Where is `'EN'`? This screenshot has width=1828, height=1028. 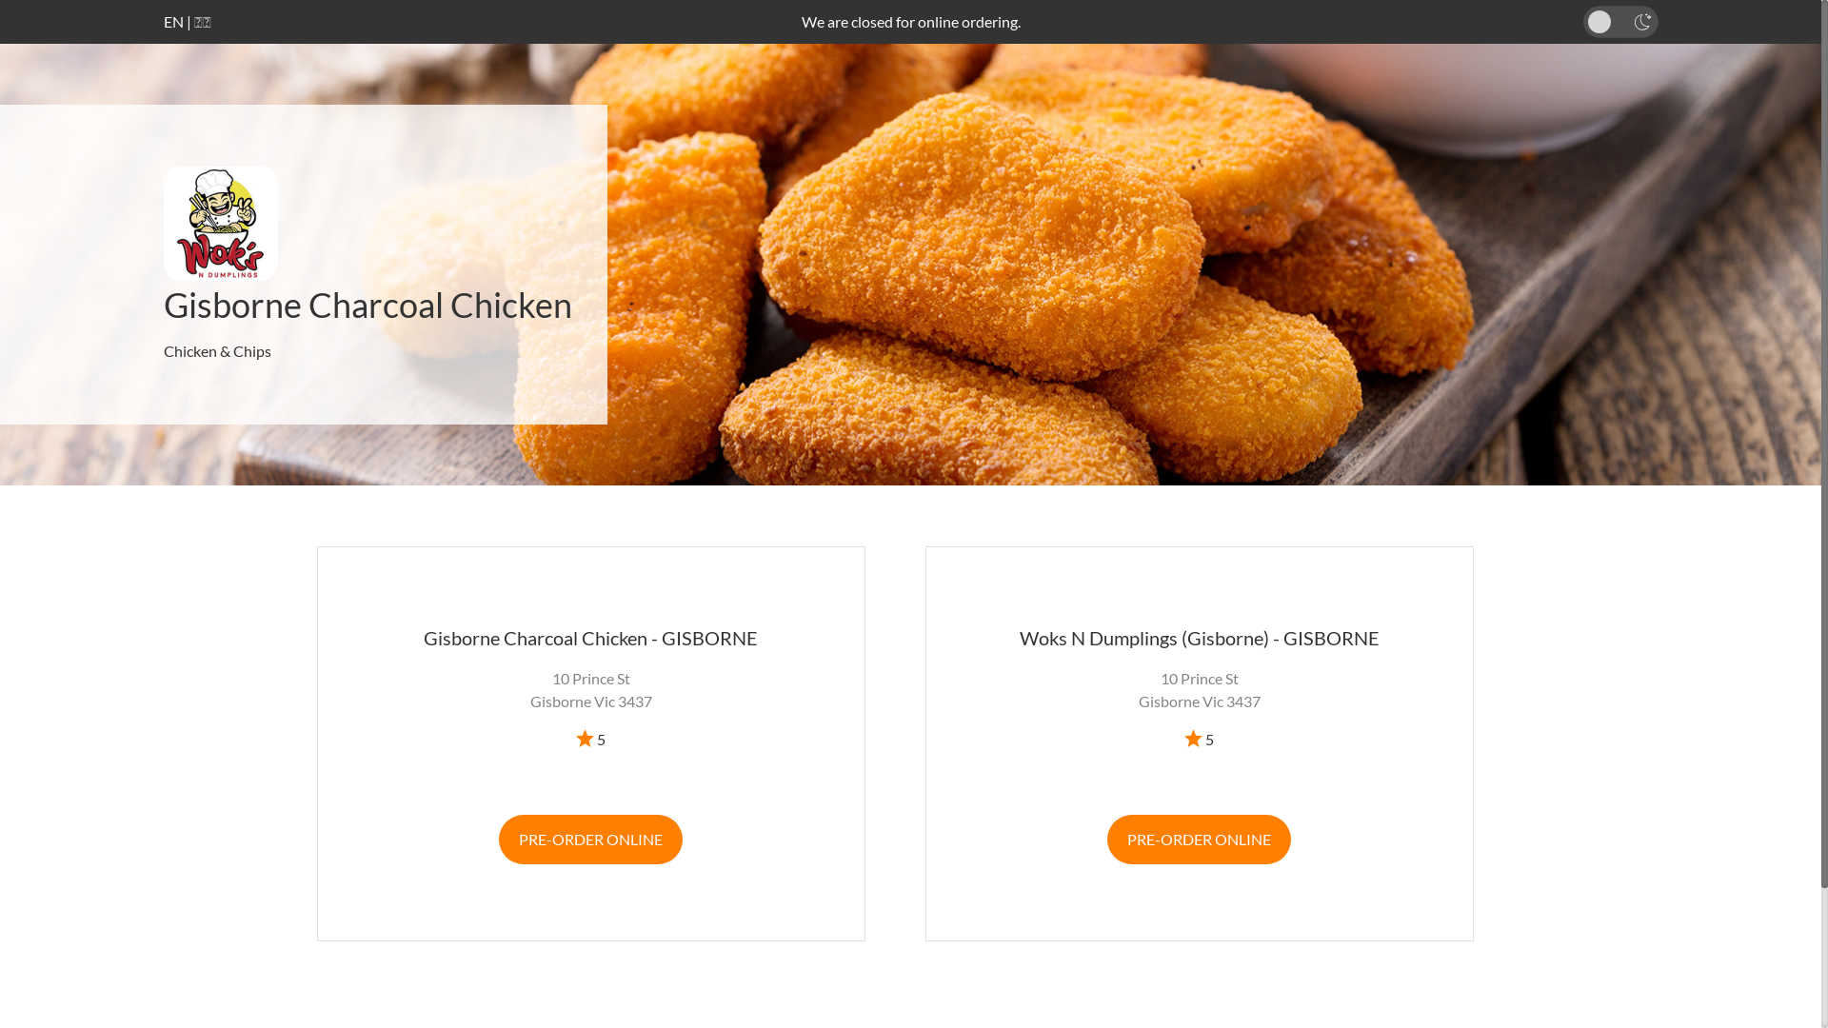
'EN' is located at coordinates (173, 21).